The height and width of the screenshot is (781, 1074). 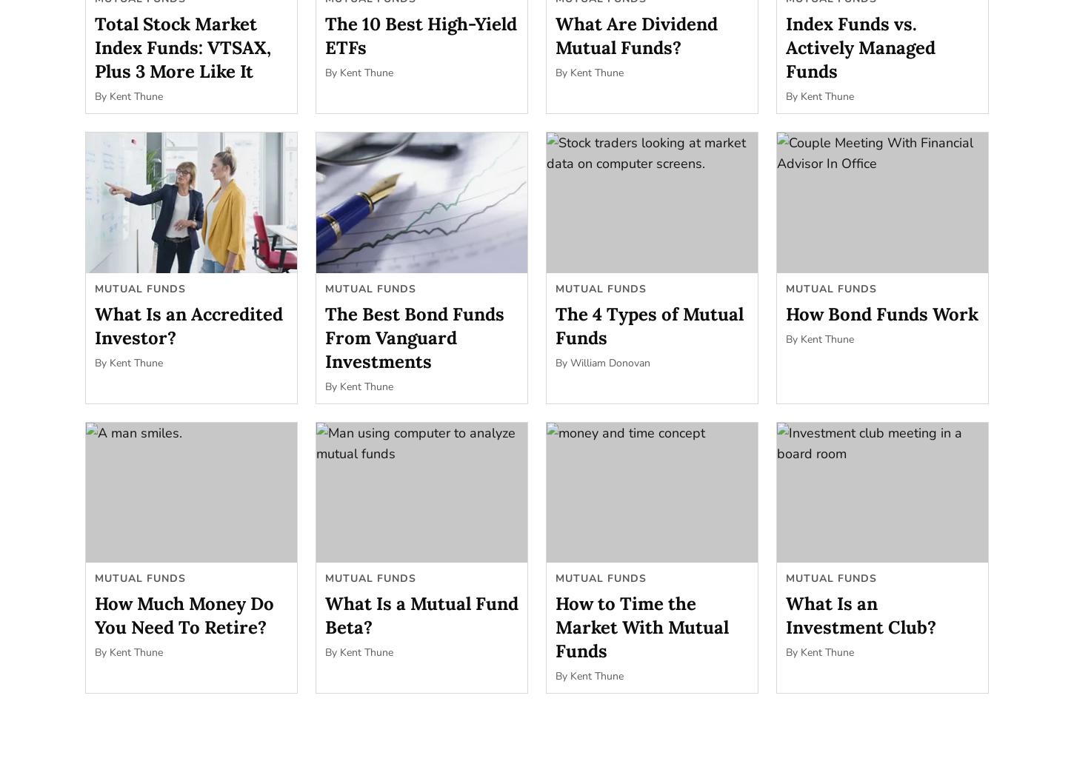 I want to click on 'How Much Money Do You Need To Retire?', so click(x=184, y=615).